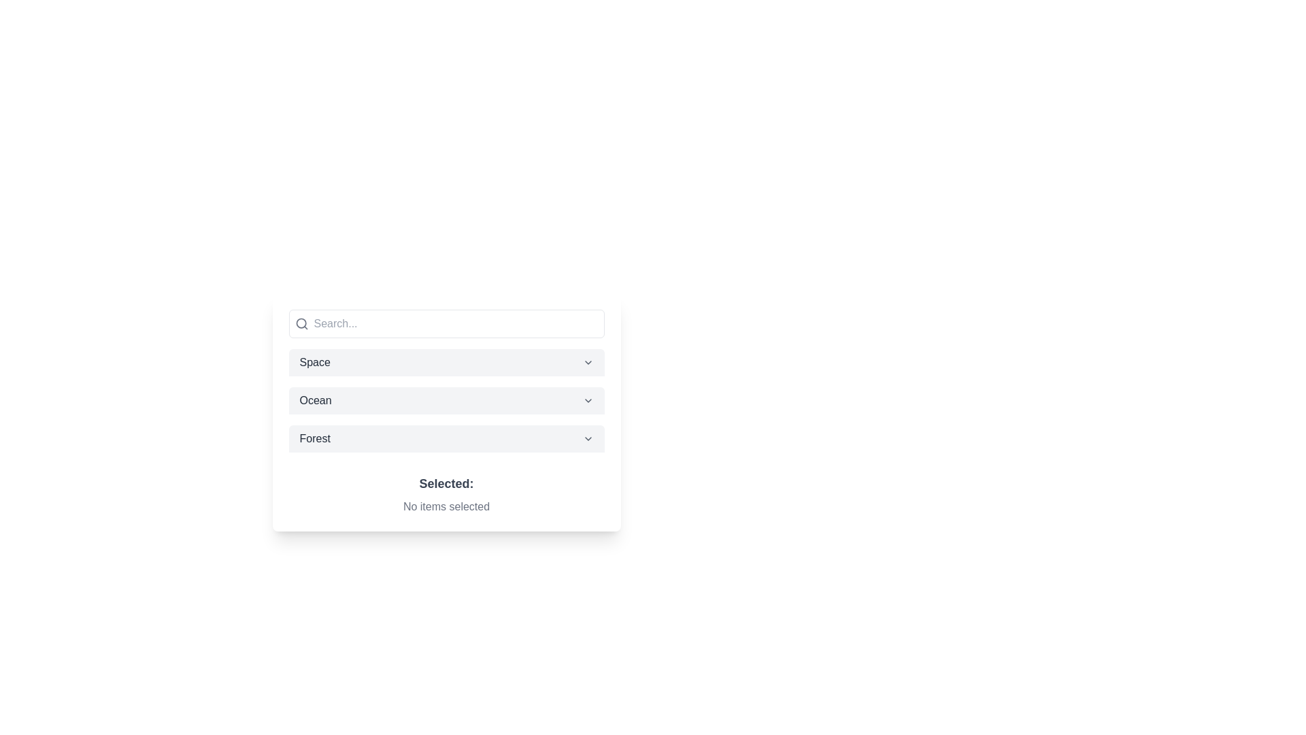  What do you see at coordinates (314, 438) in the screenshot?
I see `the static text label displaying 'Forest' in a dark color, which is located in the bottommost row of a dropdown menu-like component, to the left of a downward-pointing chevron icon` at bounding box center [314, 438].